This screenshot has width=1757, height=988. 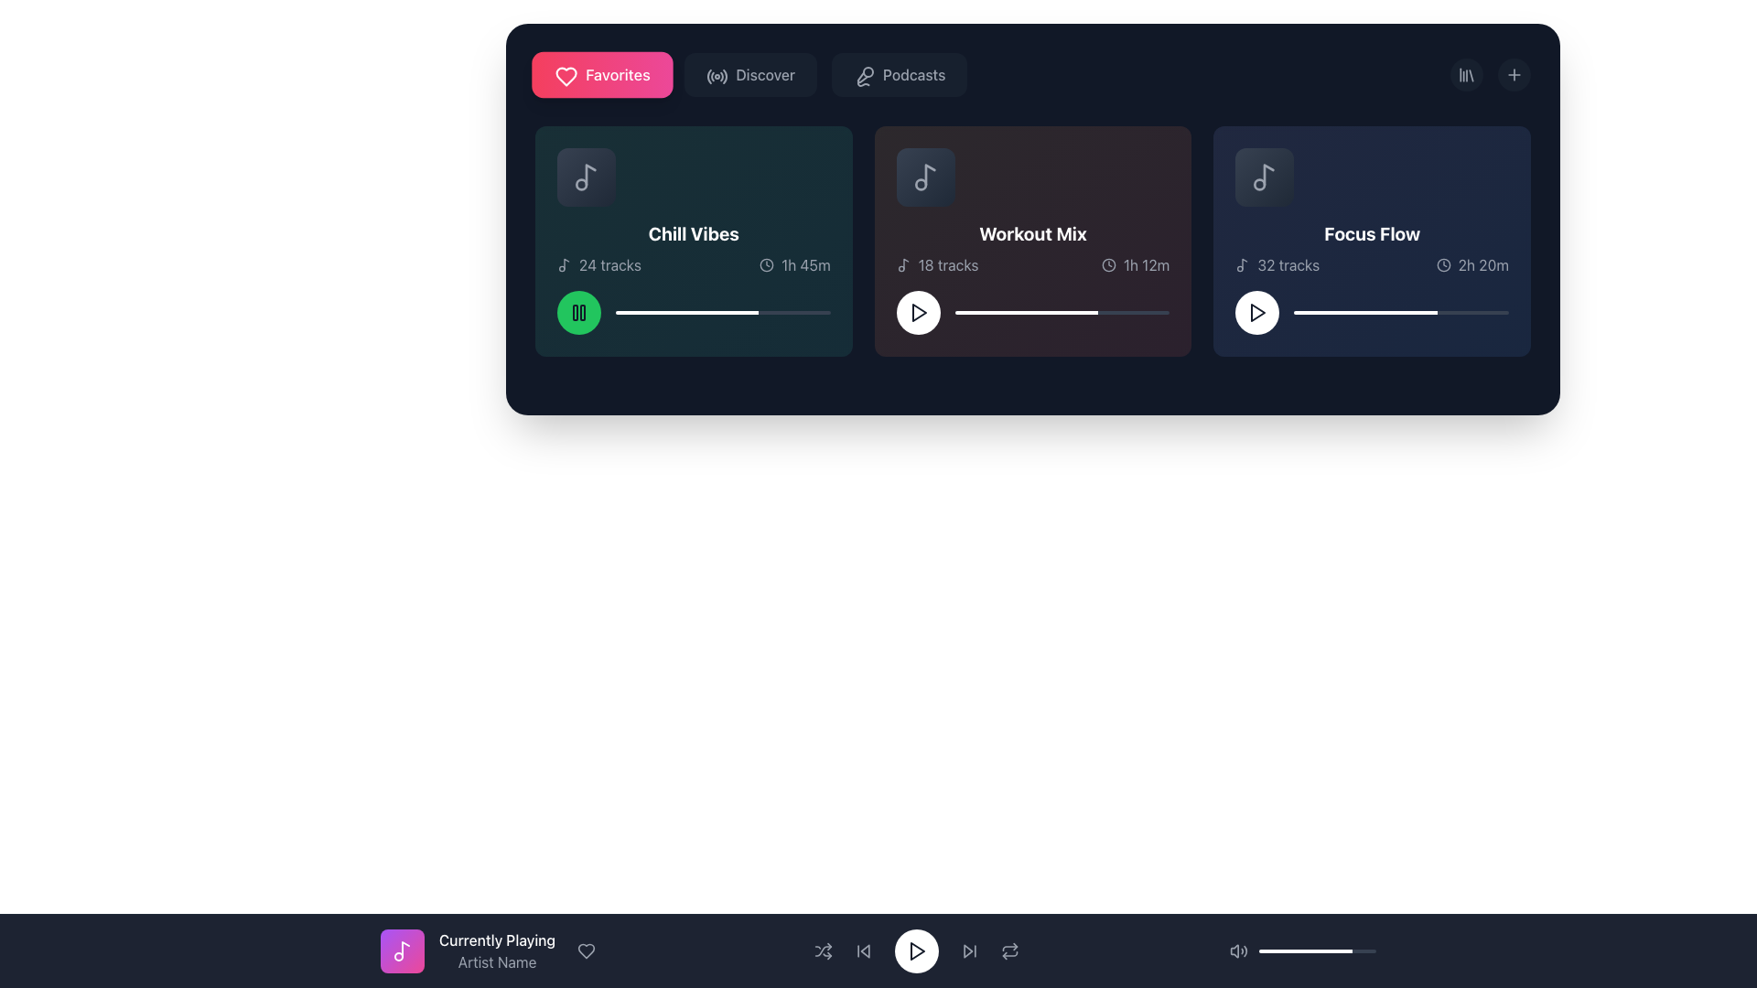 I want to click on the musical note icon located in the 'Focus Flow' section, which is positioned to the left of the text '32 tracks', so click(x=1243, y=264).